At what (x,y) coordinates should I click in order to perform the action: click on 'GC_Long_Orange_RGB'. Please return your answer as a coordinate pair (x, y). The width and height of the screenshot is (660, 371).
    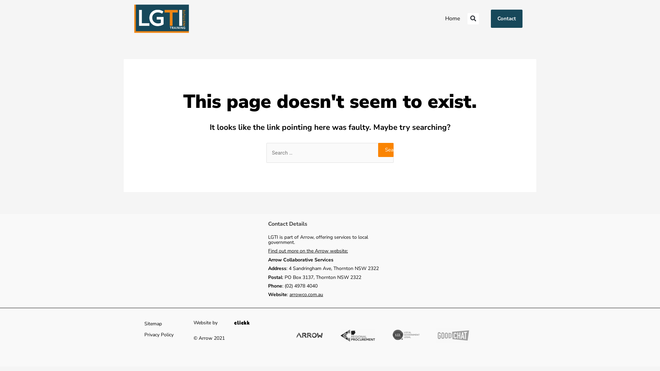
    Looking at the image, I should click on (453, 335).